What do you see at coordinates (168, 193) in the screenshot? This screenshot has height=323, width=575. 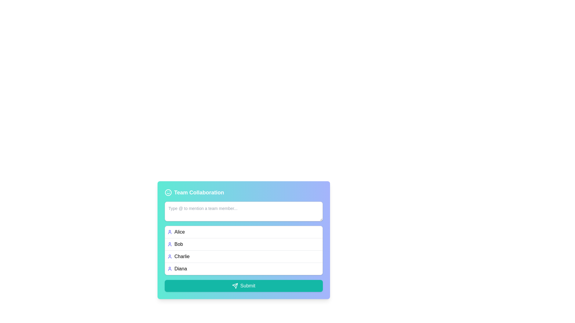 I see `the Decorative SVG circle that is the central feature of the smiley face icon in the header titled 'Team Collaboration'` at bounding box center [168, 193].